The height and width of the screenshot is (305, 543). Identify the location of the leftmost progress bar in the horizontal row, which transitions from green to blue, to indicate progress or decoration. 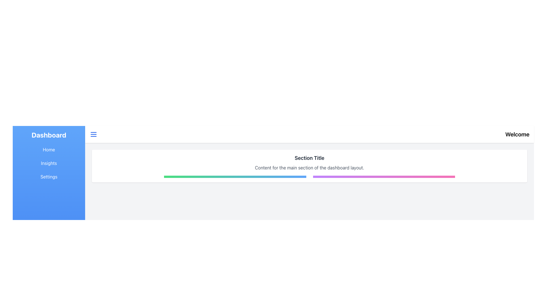
(235, 176).